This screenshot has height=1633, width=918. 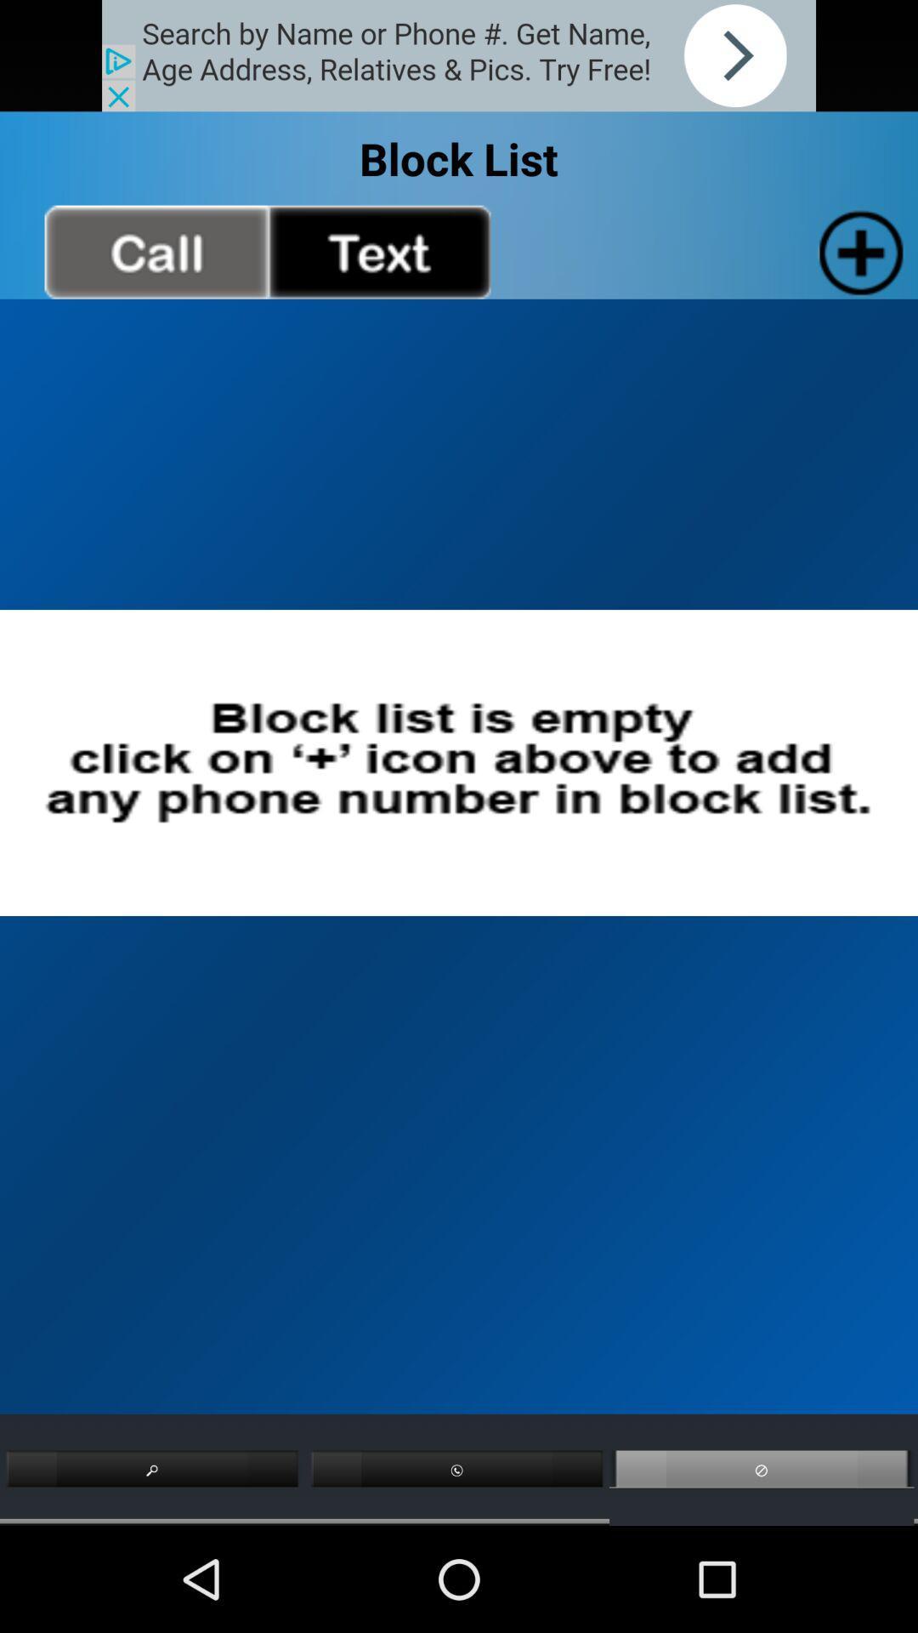 What do you see at coordinates (378, 251) in the screenshot?
I see `blocked text numbers list` at bounding box center [378, 251].